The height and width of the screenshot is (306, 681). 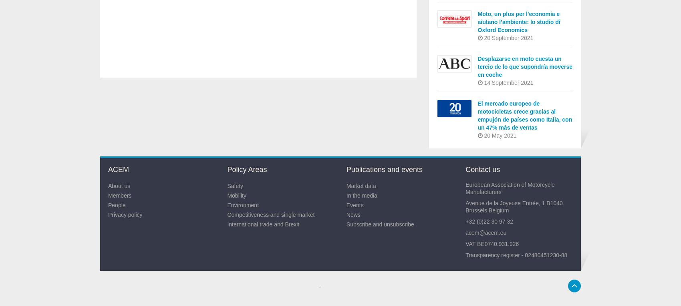 I want to click on 'Publications and events', so click(x=383, y=169).